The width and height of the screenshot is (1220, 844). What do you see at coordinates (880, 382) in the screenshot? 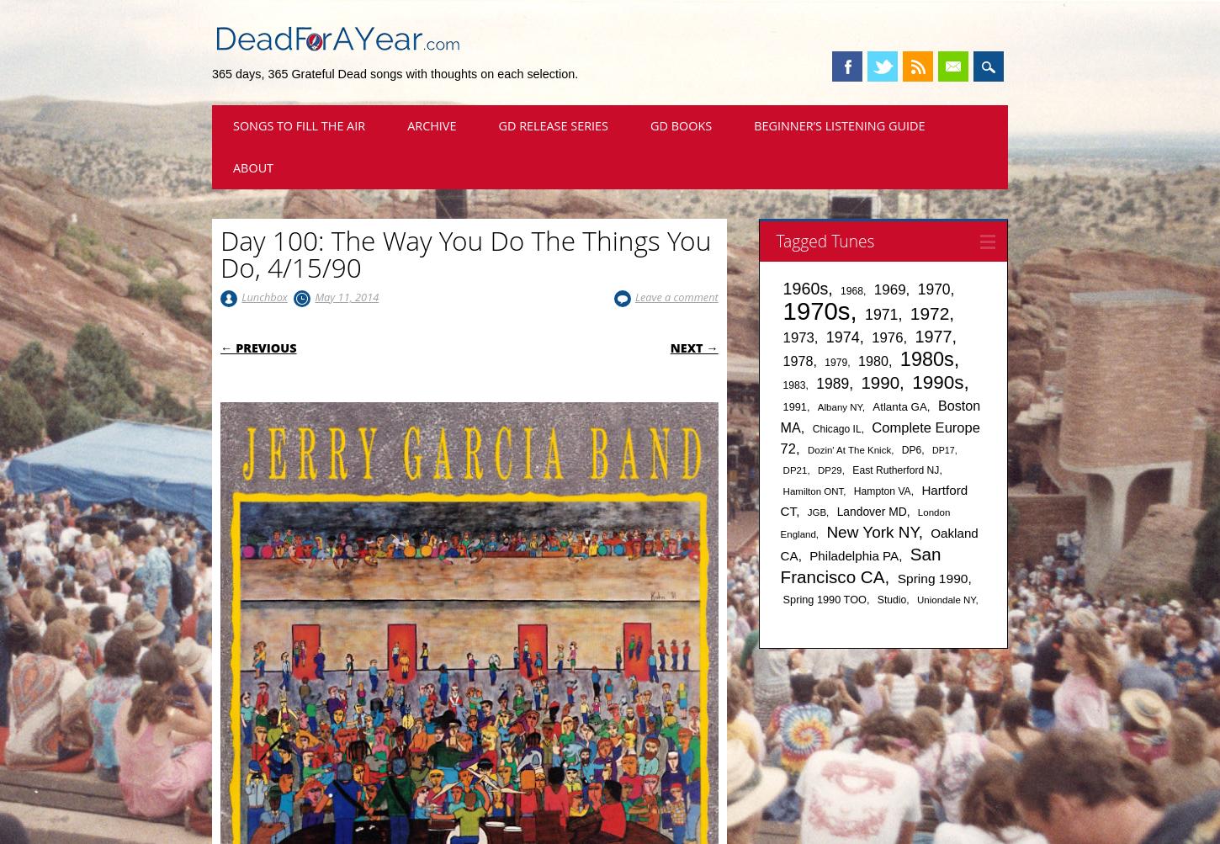
I see `'1990'` at bounding box center [880, 382].